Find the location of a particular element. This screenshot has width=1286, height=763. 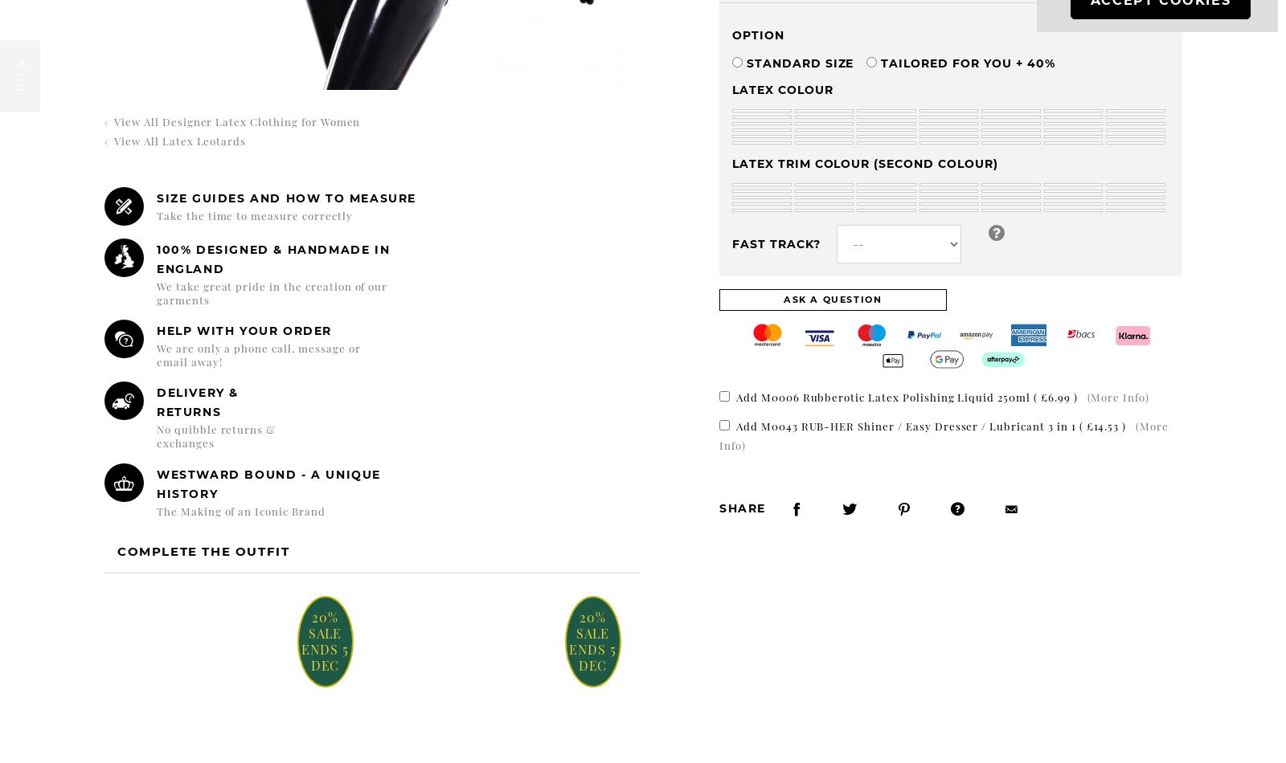

'Latex Trim Colour (Second Colour)' is located at coordinates (731, 163).